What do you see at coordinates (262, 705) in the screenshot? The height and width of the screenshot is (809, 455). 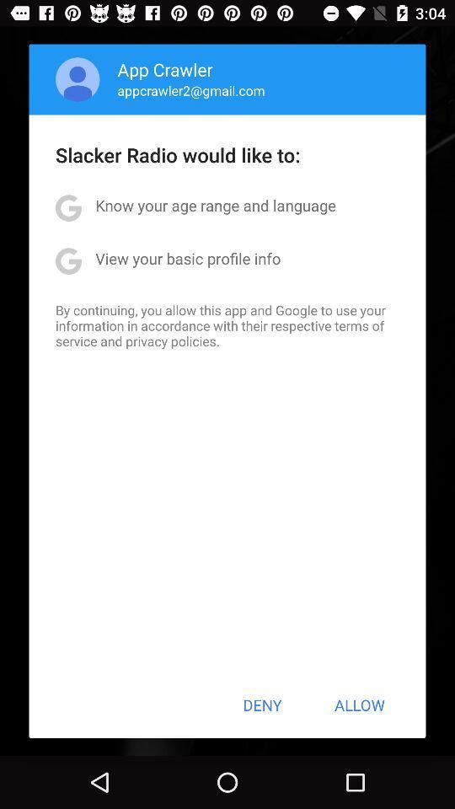 I see `the deny button` at bounding box center [262, 705].